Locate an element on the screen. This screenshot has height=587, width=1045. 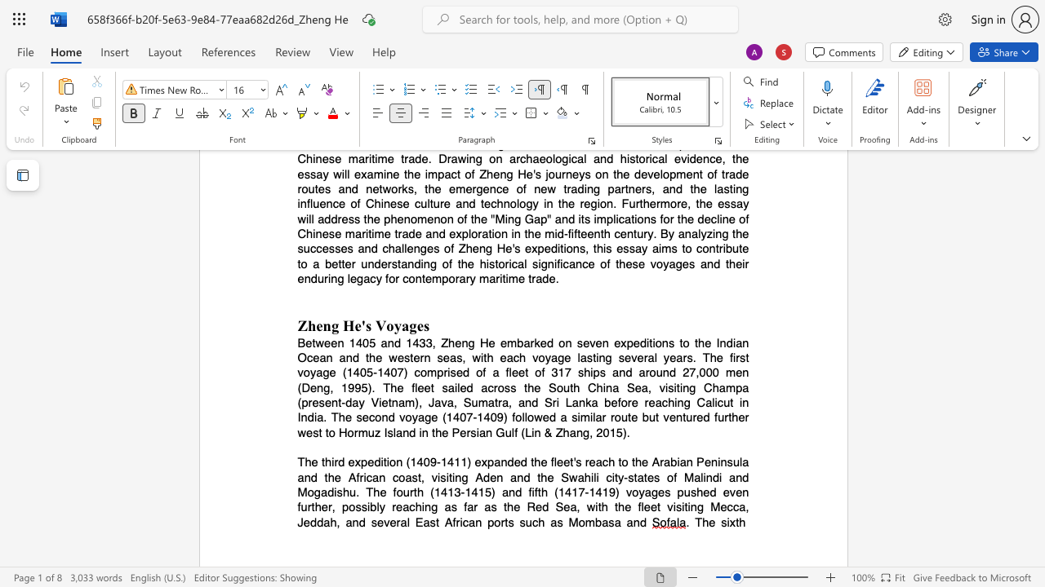
the subset text "The first voyag" within the text "Between 1405 and 1433, Zheng He embarked on seven expeditions to the Indian Ocean and the western seas, with each voyage lasting several years. The first voyage (1405-1407)" is located at coordinates (702, 356).